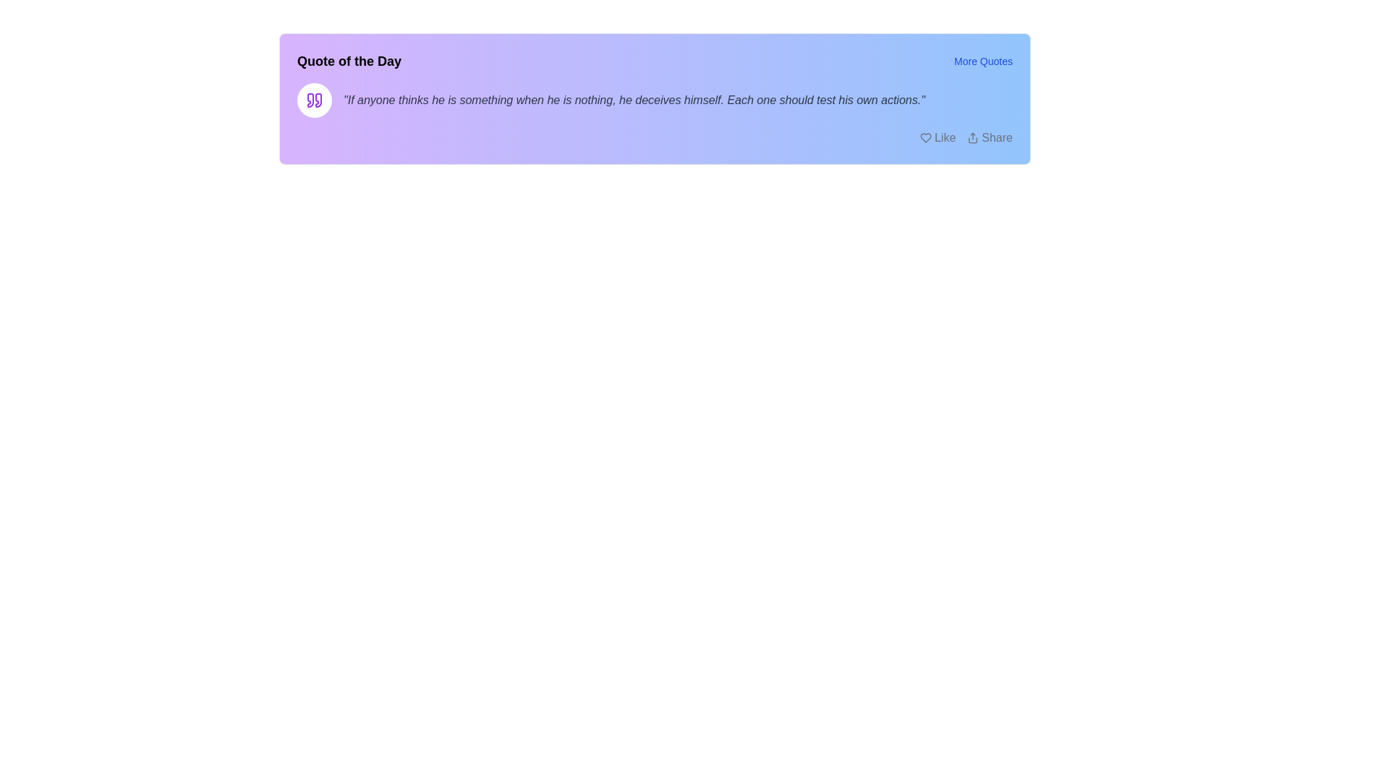 The width and height of the screenshot is (1389, 781). I want to click on the purple quotation marks icon located inside a circular white background under the 'Quote of the Day' title, so click(314, 99).